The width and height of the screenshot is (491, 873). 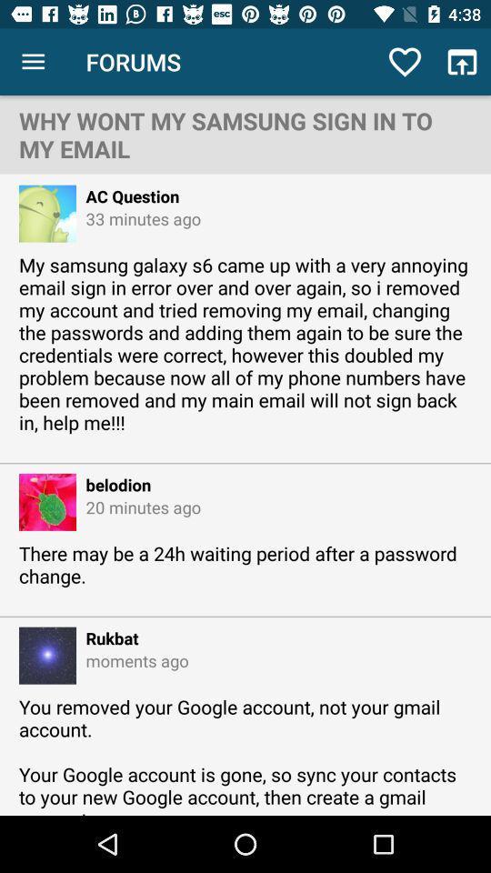 I want to click on icon below the there may be, so click(x=107, y=637).